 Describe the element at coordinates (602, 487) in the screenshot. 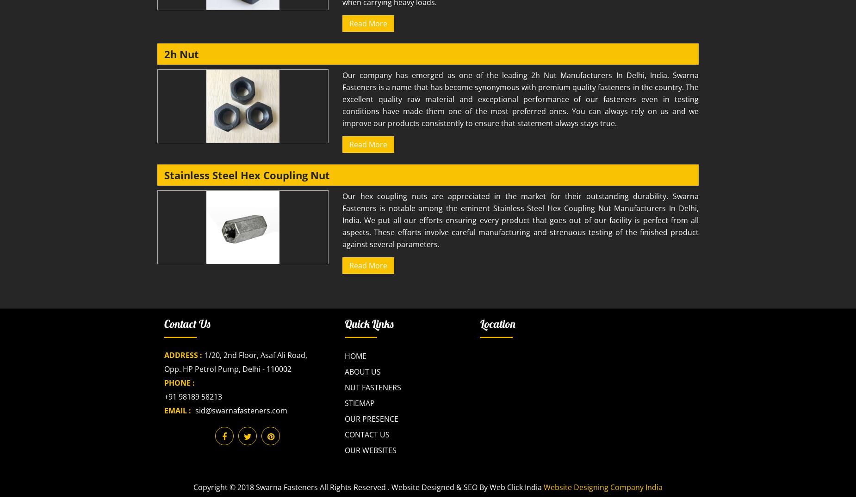

I see `'Website Designing Company India'` at that location.